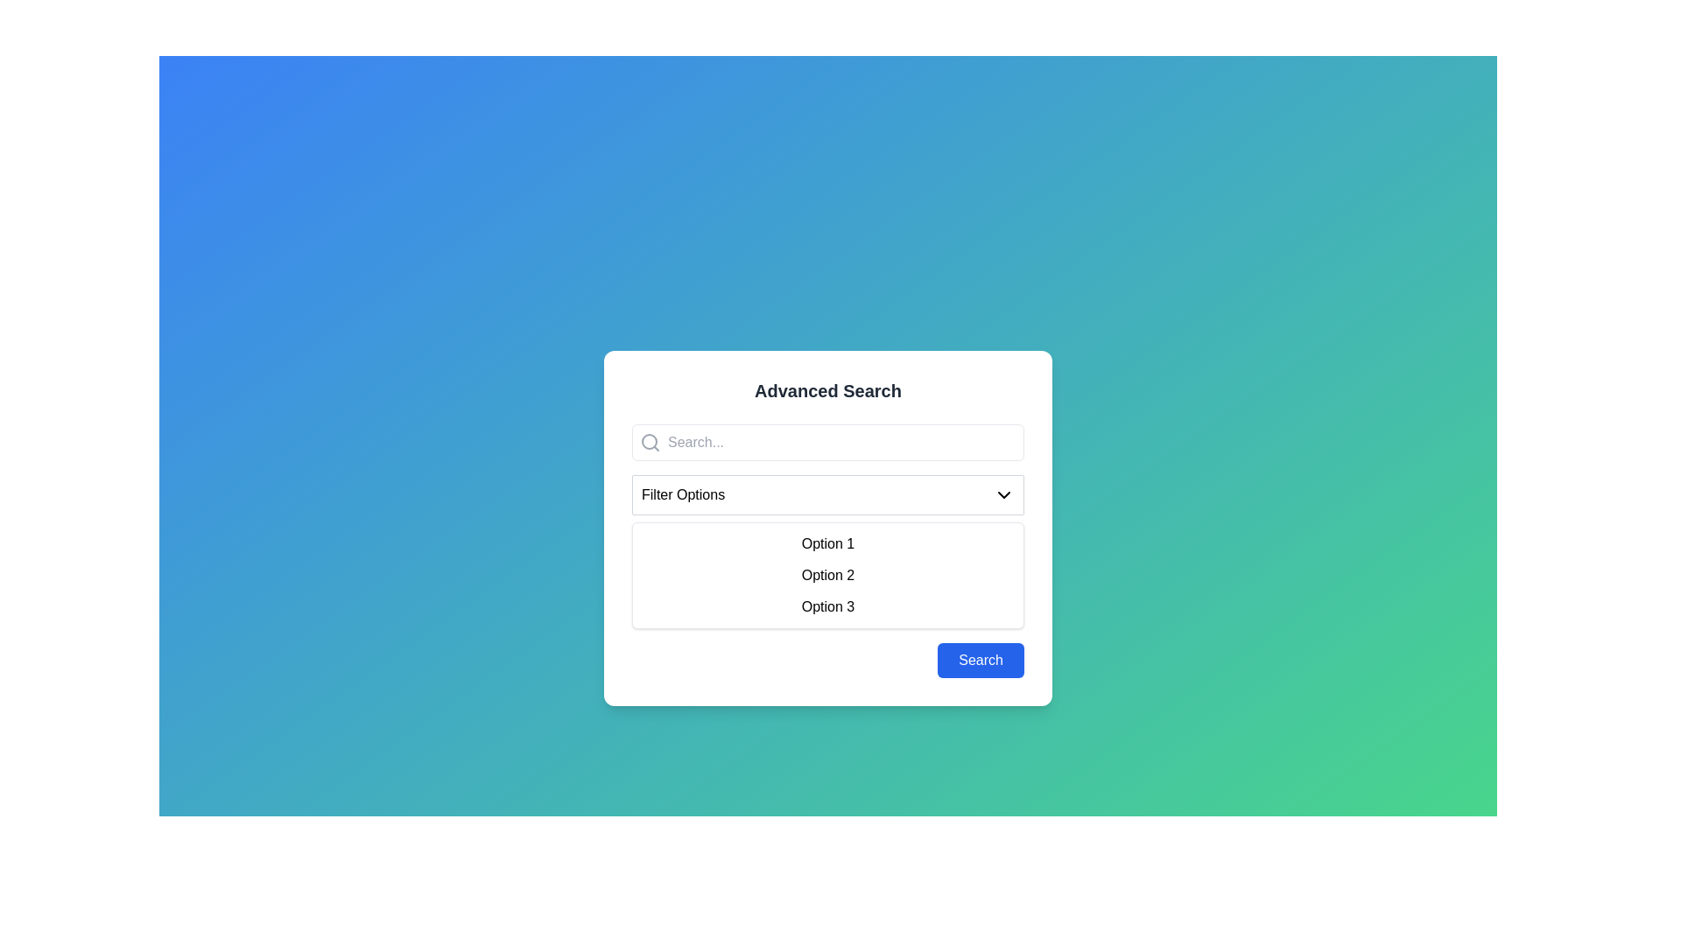  Describe the element at coordinates (649, 441) in the screenshot. I see `the circular part of the search icon, which is styled with a medium thickness stroke and has an unfilled center area, located at the top-left within the search input box` at that location.